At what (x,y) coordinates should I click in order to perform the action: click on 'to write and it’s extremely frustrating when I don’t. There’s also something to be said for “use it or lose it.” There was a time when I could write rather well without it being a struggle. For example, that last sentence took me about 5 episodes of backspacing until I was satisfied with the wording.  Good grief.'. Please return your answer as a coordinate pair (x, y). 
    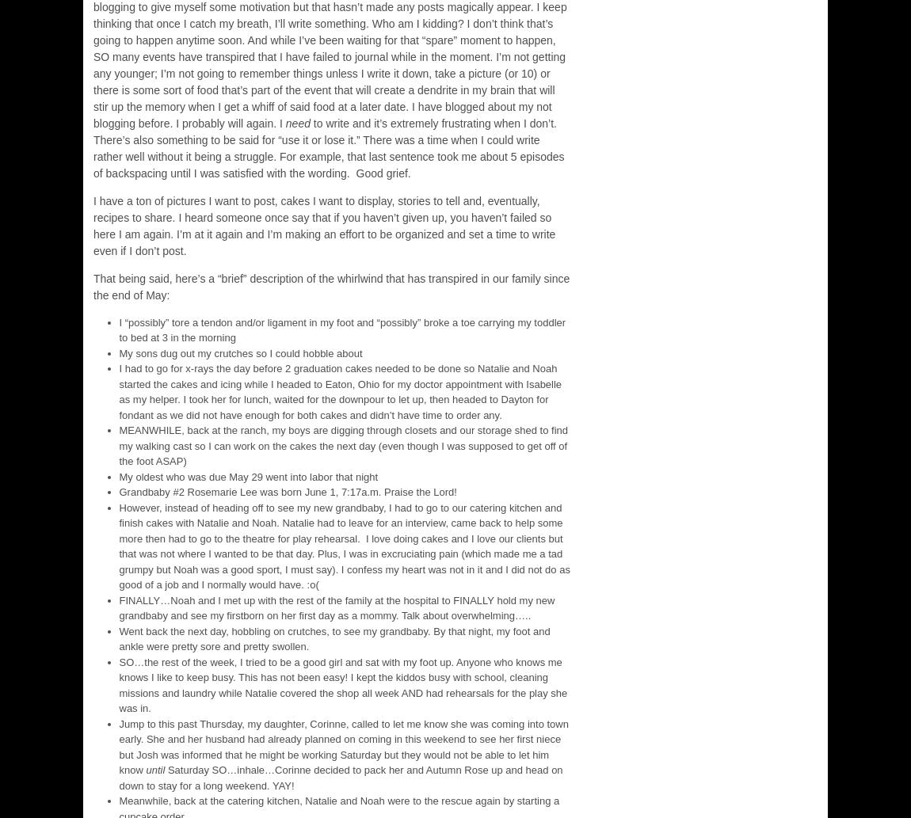
    Looking at the image, I should click on (329, 146).